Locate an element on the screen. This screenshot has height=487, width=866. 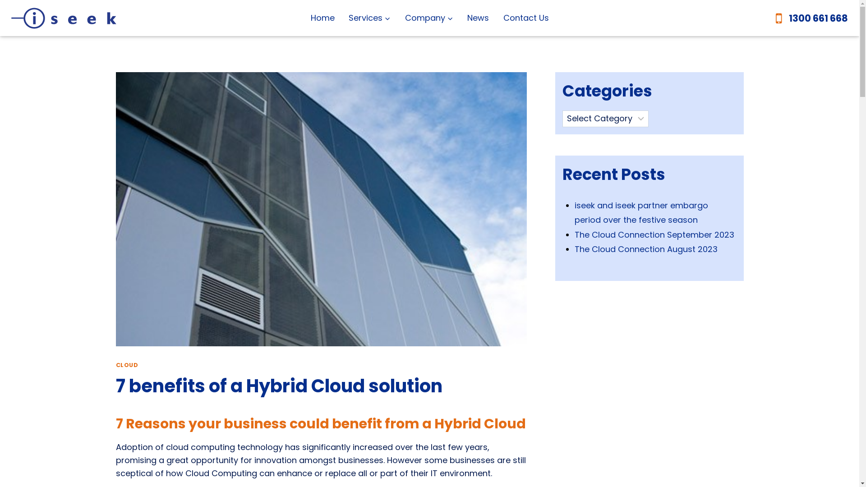
'Home' is located at coordinates (322, 18).